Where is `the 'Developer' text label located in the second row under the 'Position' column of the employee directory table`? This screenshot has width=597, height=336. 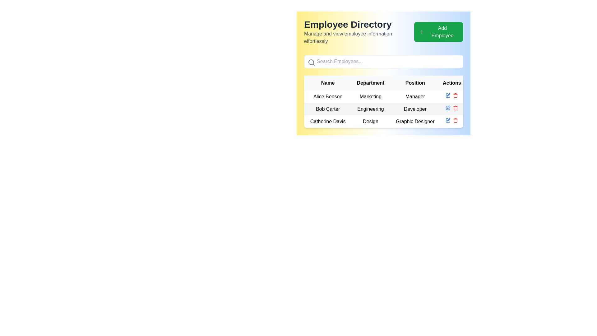
the 'Developer' text label located in the second row under the 'Position' column of the employee directory table is located at coordinates (415, 109).